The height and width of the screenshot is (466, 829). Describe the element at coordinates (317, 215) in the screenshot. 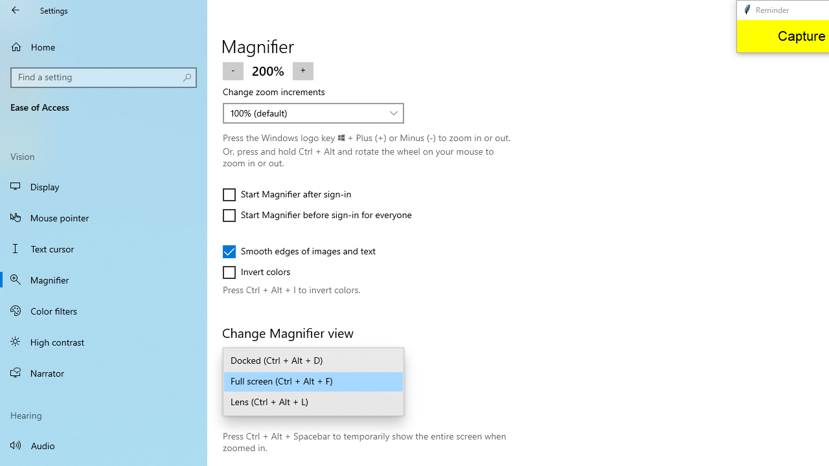

I see `'Start Magnifier before sign-in for everyone'` at that location.